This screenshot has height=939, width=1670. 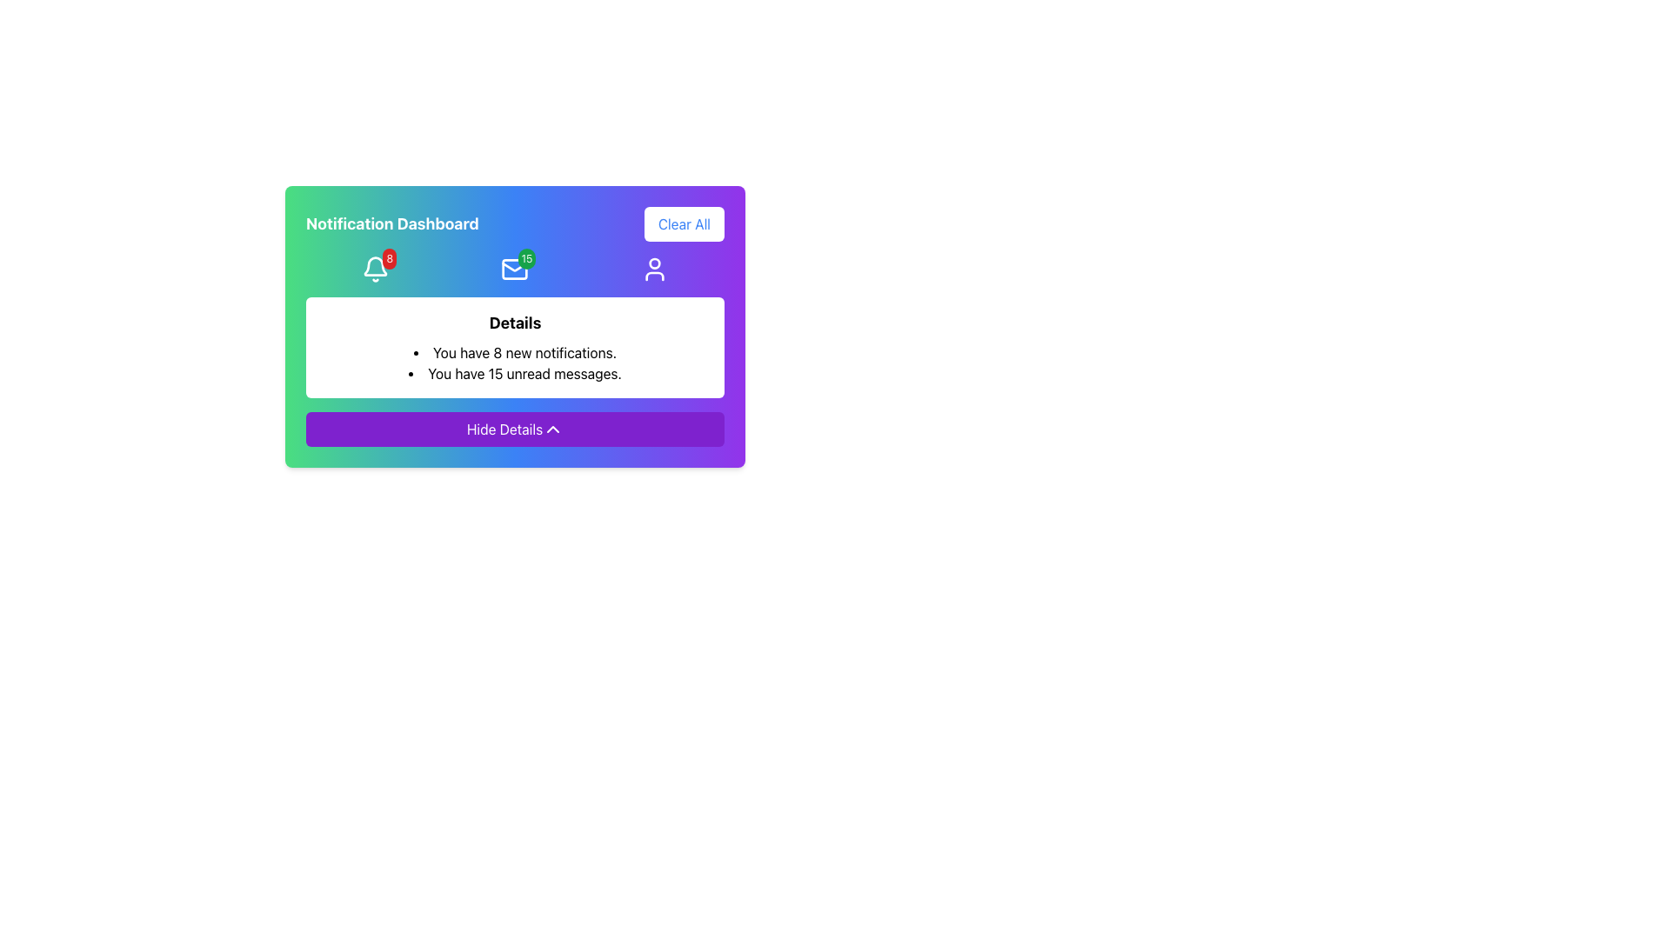 I want to click on the purple button labeled 'Hide Details' located at the bottom of the notification panel, so click(x=514, y=385).